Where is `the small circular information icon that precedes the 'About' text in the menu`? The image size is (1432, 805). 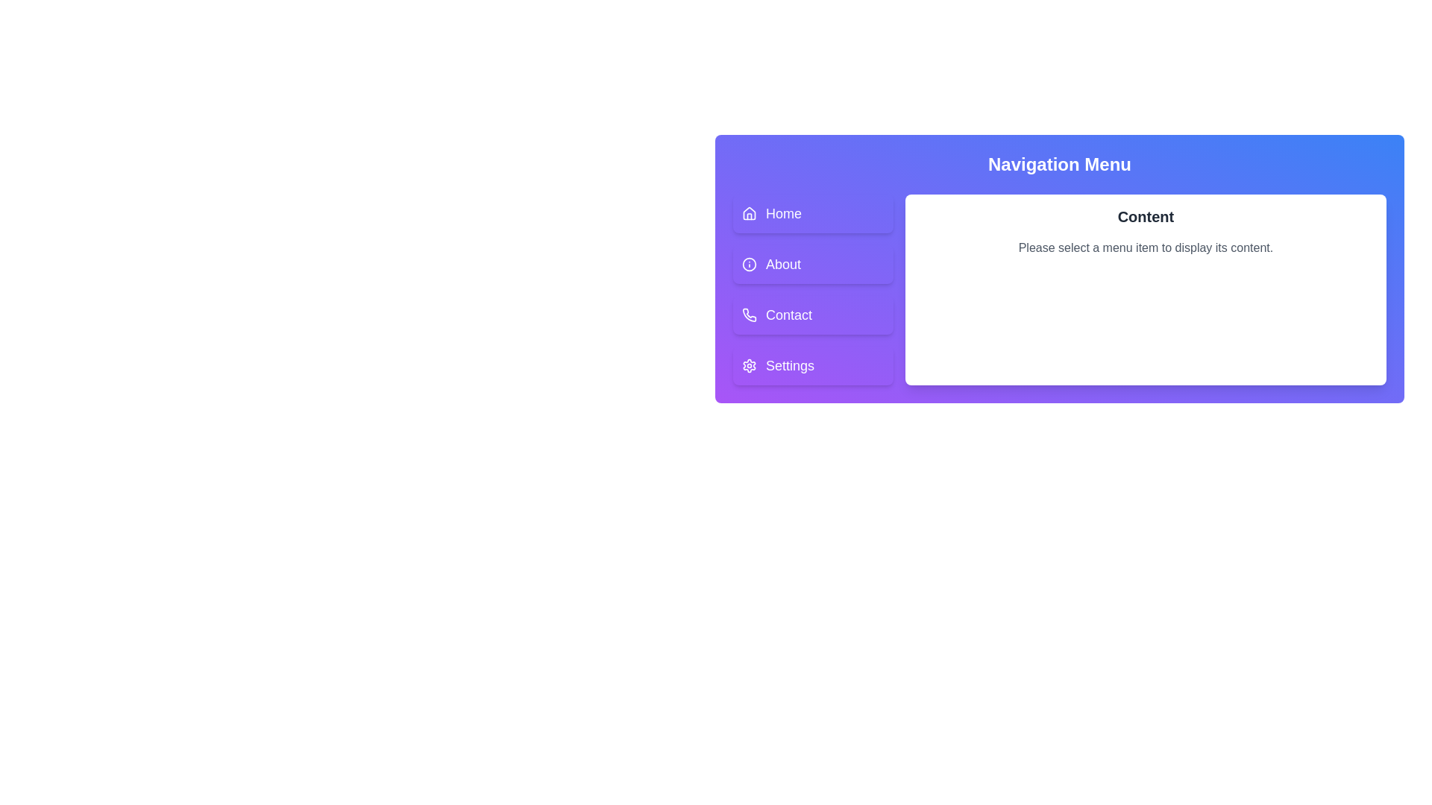
the small circular information icon that precedes the 'About' text in the menu is located at coordinates (749, 263).